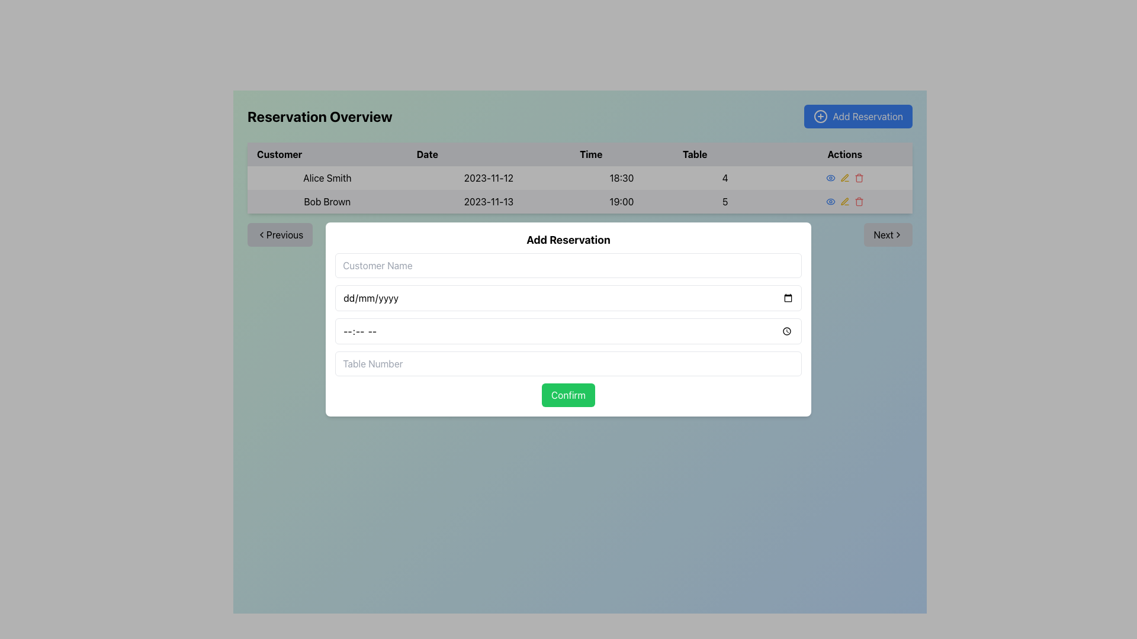  Describe the element at coordinates (820, 116) in the screenshot. I see `the decorative circular icon with a central plus symbol, located to the left of the 'Add Reservation' text in the blue button at the top-right corner of the interface` at that location.